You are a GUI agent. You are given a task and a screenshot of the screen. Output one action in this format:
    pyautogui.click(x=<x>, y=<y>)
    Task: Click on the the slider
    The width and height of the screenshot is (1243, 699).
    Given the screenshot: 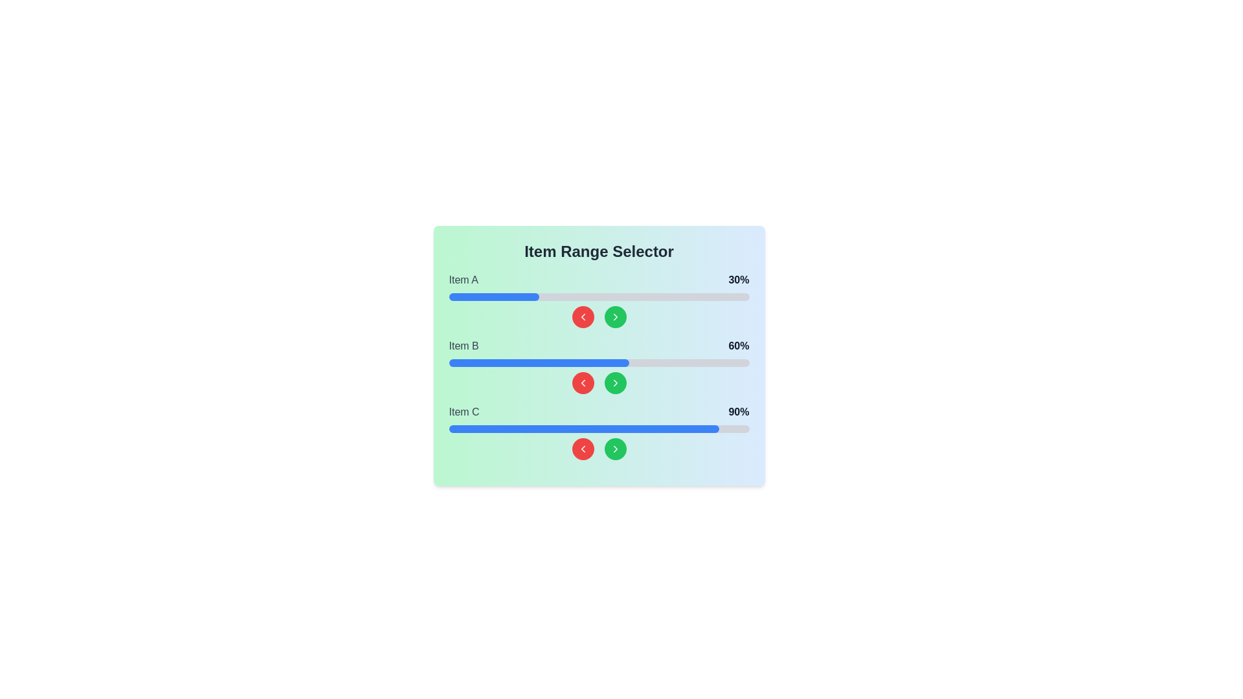 What is the action you would take?
    pyautogui.click(x=589, y=362)
    